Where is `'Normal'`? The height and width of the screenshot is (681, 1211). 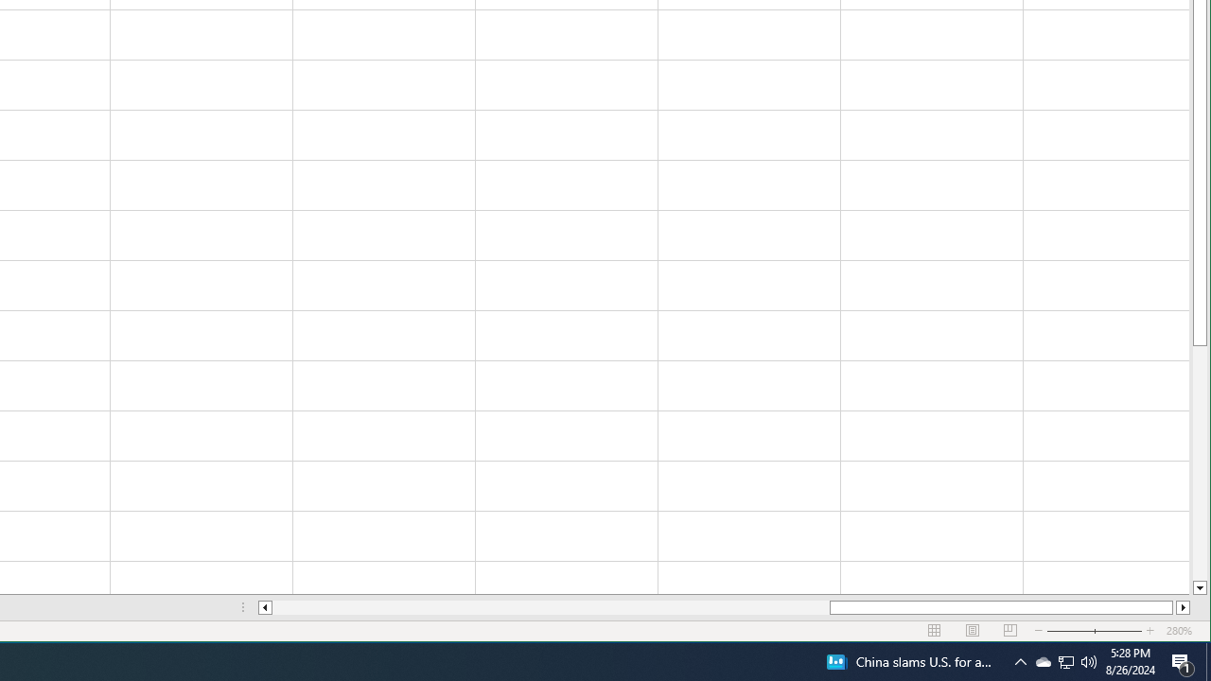 'Normal' is located at coordinates (935, 631).